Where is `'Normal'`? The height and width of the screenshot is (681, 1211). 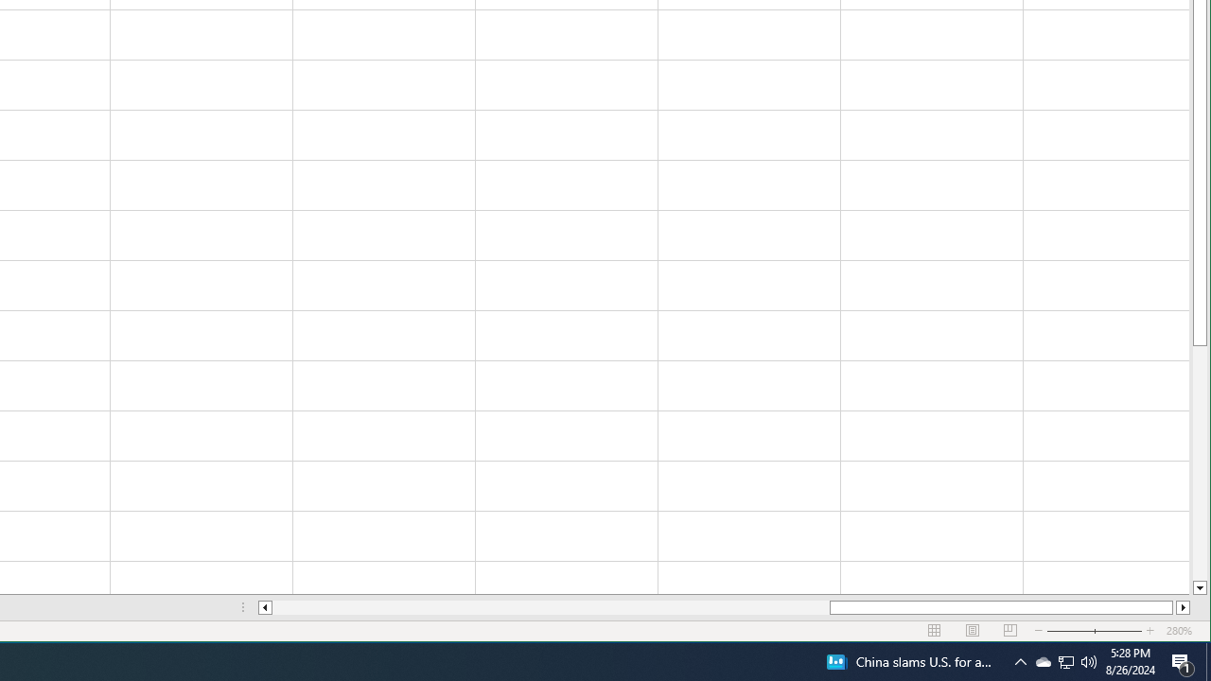 'Normal' is located at coordinates (935, 631).